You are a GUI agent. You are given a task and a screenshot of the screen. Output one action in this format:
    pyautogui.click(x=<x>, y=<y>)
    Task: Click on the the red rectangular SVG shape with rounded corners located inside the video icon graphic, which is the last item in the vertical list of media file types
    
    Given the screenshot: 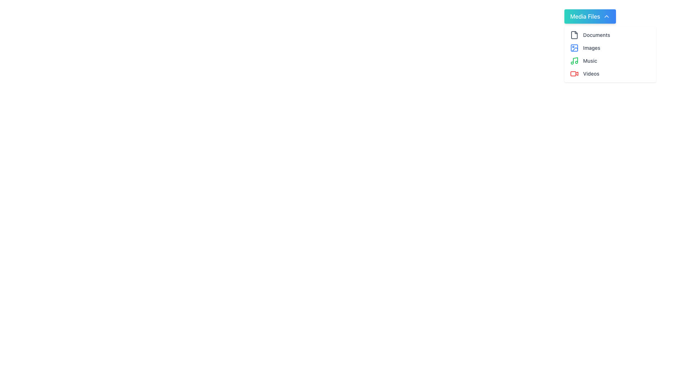 What is the action you would take?
    pyautogui.click(x=573, y=73)
    